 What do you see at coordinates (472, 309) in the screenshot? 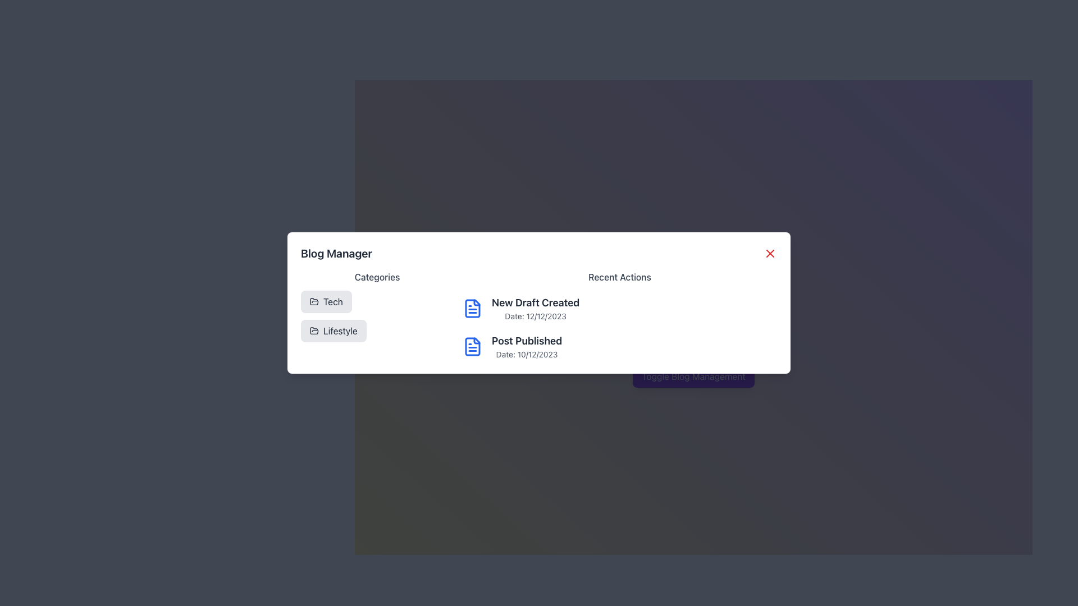
I see `the document icon located to the left of the text 'New Draft Created' in the 'Recent Actions' section of the 'Blog Manager' interface` at bounding box center [472, 309].